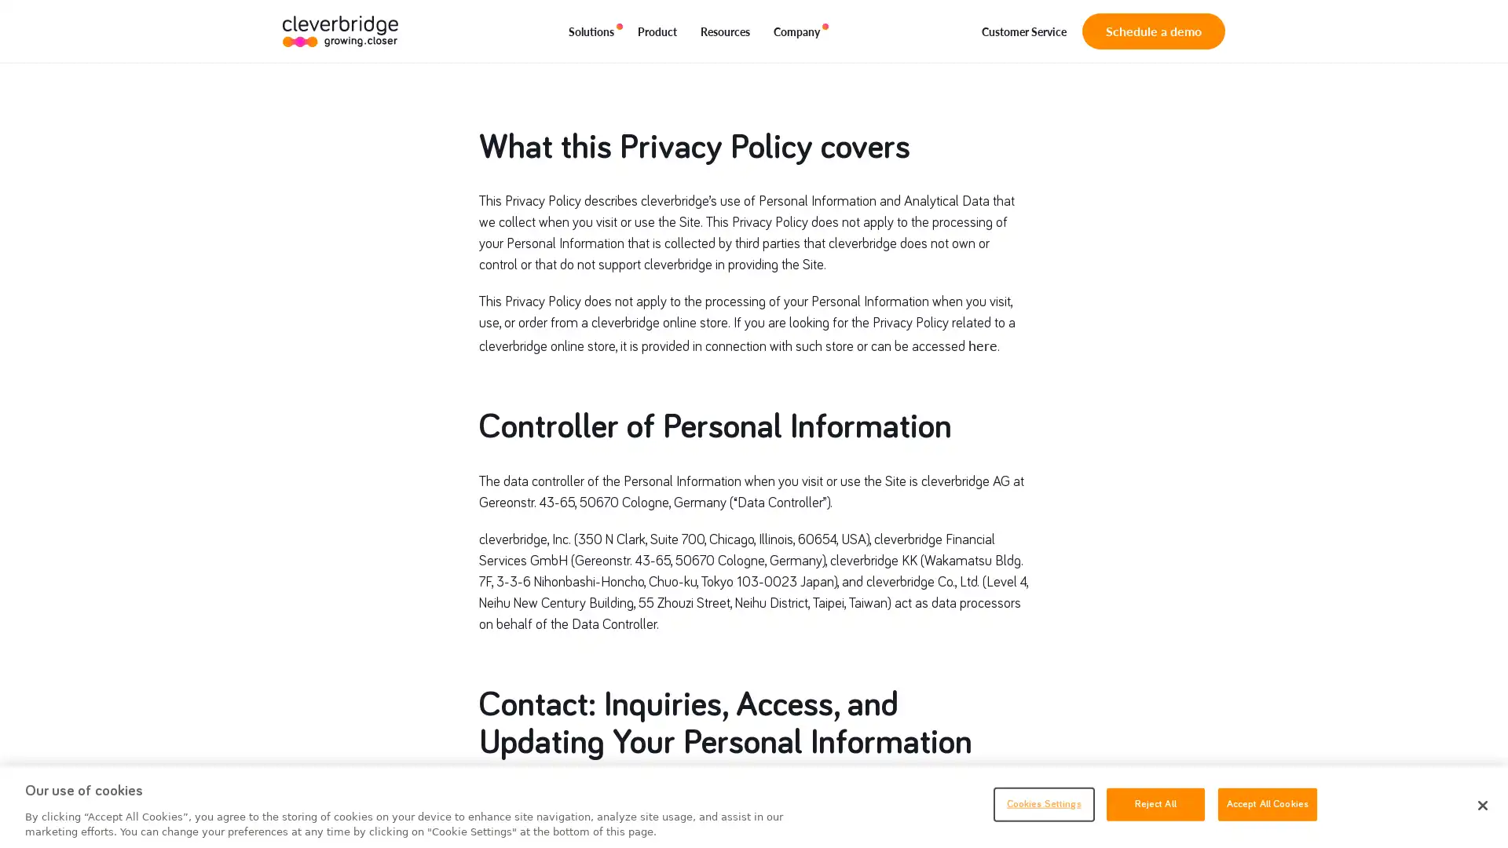  Describe the element at coordinates (1267, 803) in the screenshot. I see `Accept All Cookies` at that location.